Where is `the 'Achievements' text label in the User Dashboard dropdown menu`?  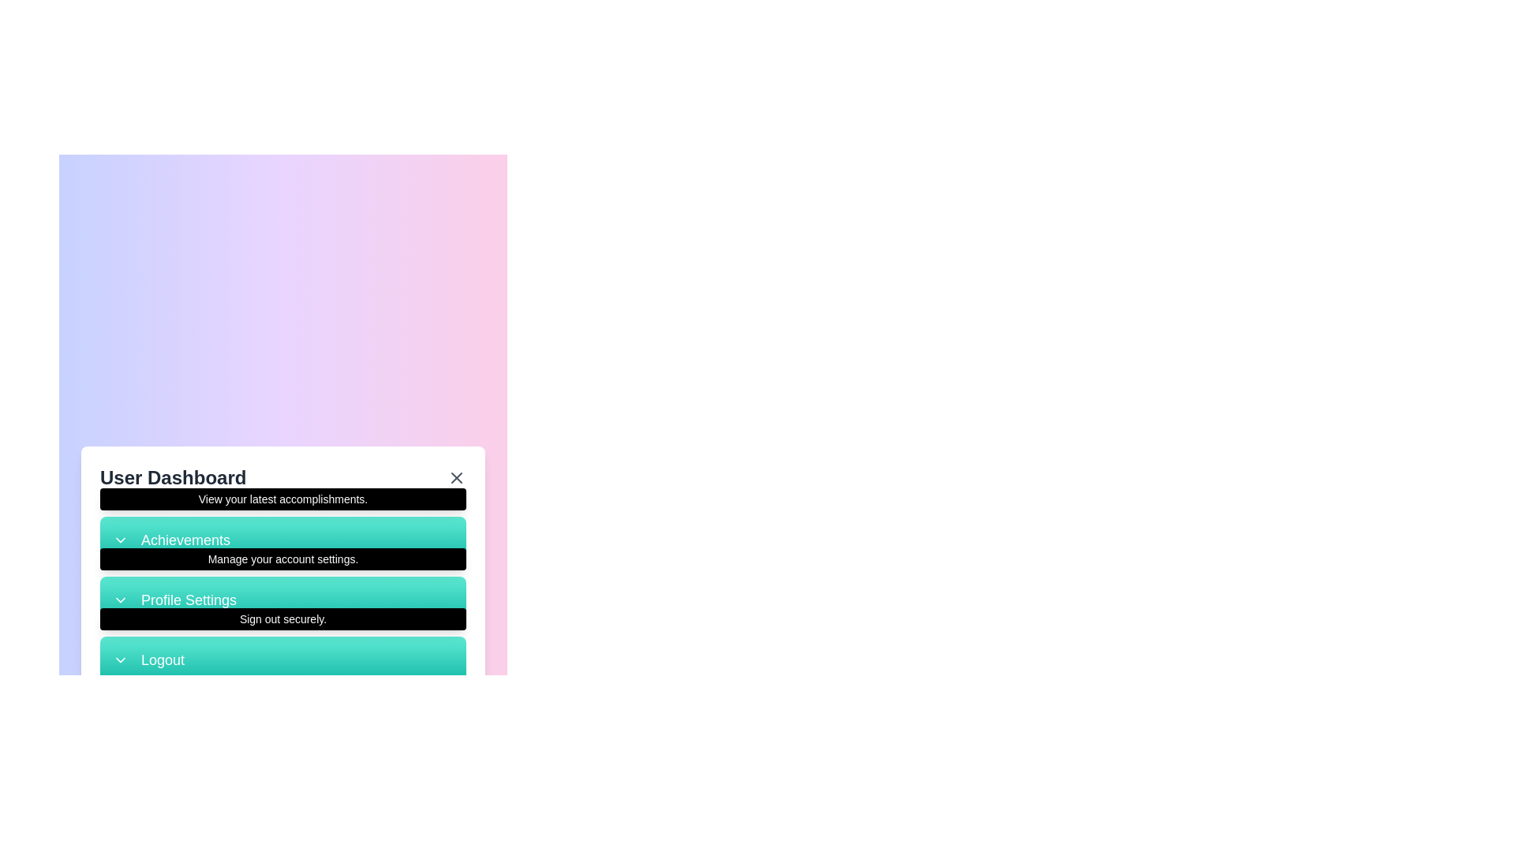 the 'Achievements' text label in the User Dashboard dropdown menu is located at coordinates (185, 539).